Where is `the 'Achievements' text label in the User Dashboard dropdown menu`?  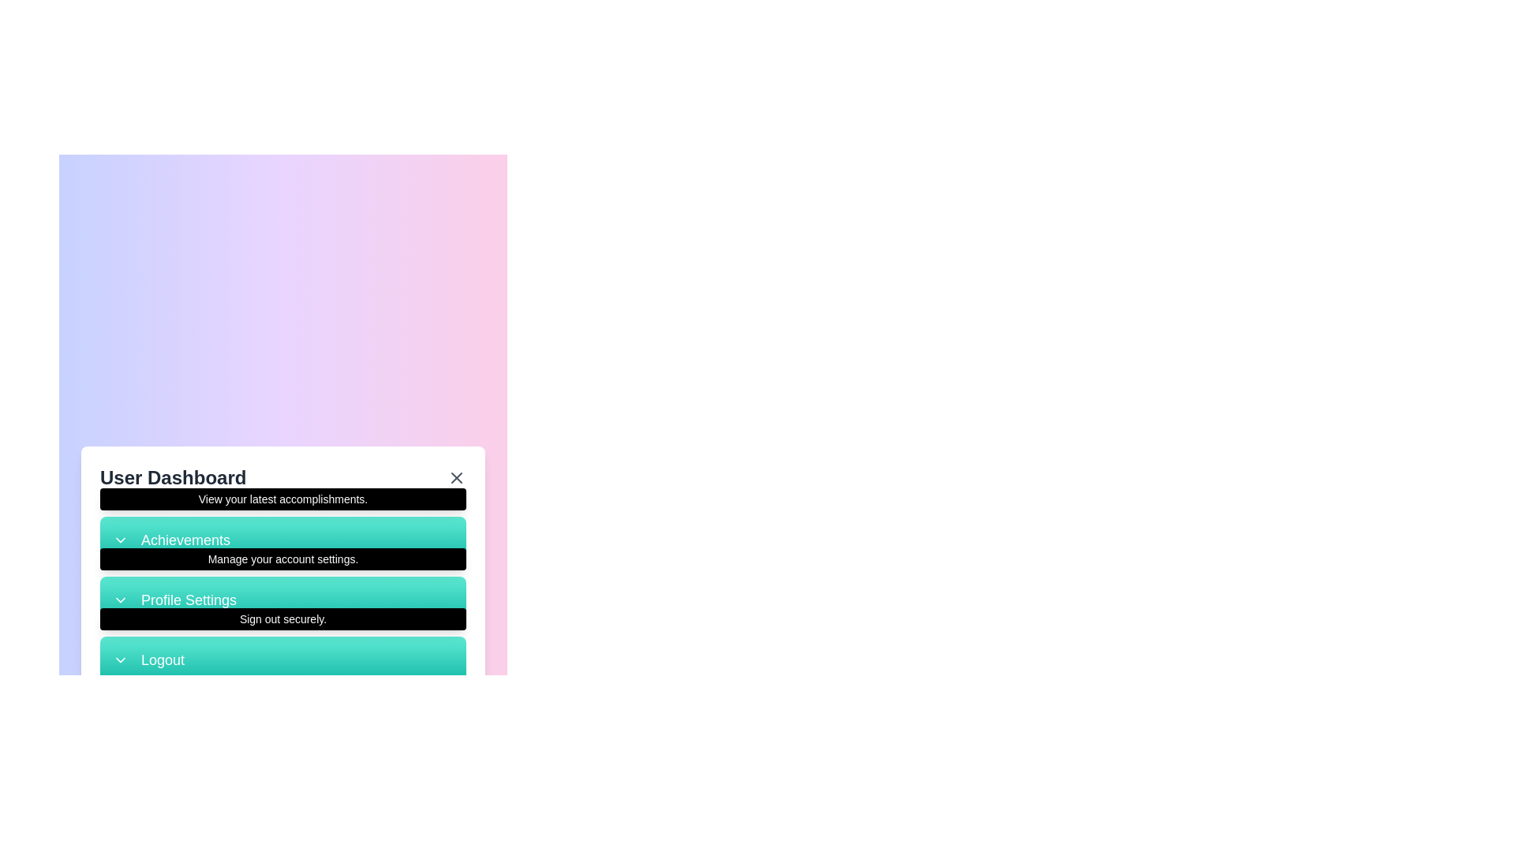 the 'Achievements' text label in the User Dashboard dropdown menu is located at coordinates (185, 539).